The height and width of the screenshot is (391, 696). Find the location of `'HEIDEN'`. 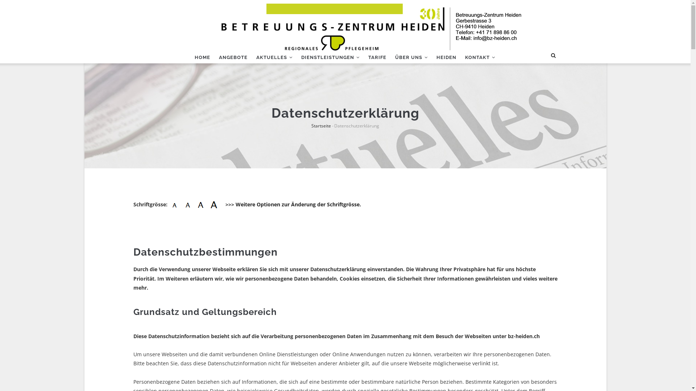

'HEIDEN' is located at coordinates (446, 57).